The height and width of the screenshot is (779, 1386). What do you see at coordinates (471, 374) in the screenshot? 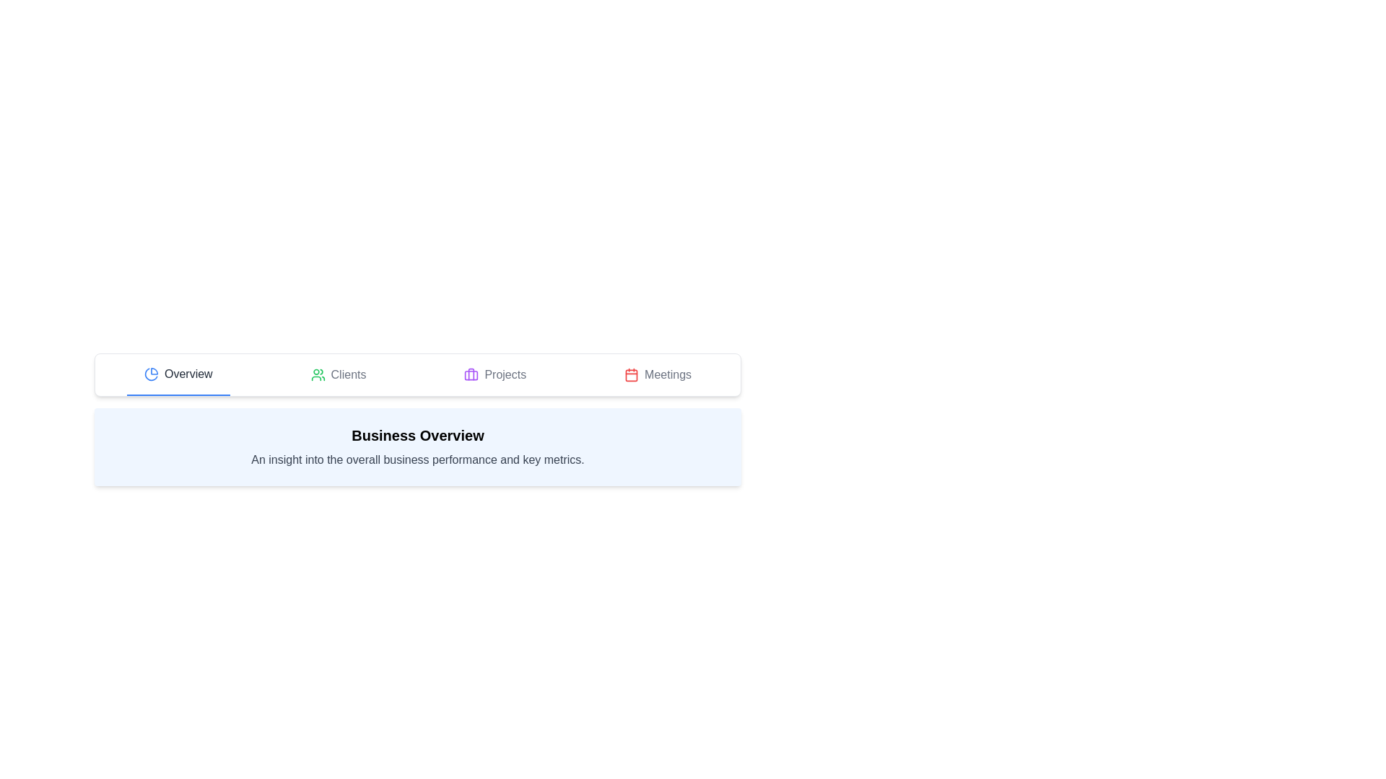
I see `the 'Projects' button, which is the third button in the horizontal navigation bar` at bounding box center [471, 374].